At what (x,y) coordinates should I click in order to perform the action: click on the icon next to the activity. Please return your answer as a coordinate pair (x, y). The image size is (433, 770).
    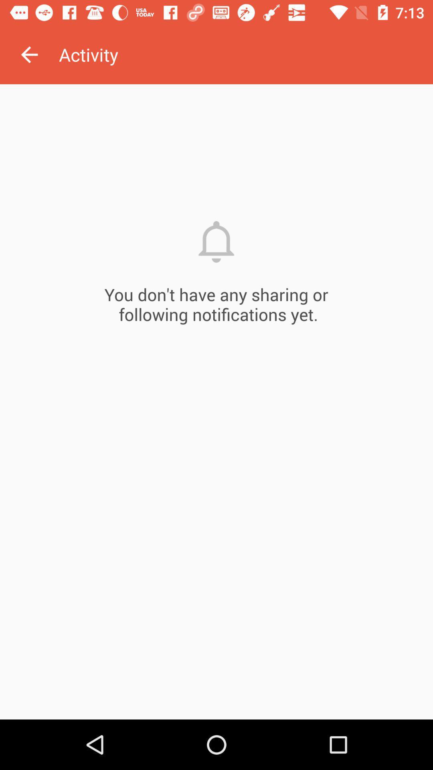
    Looking at the image, I should click on (29, 54).